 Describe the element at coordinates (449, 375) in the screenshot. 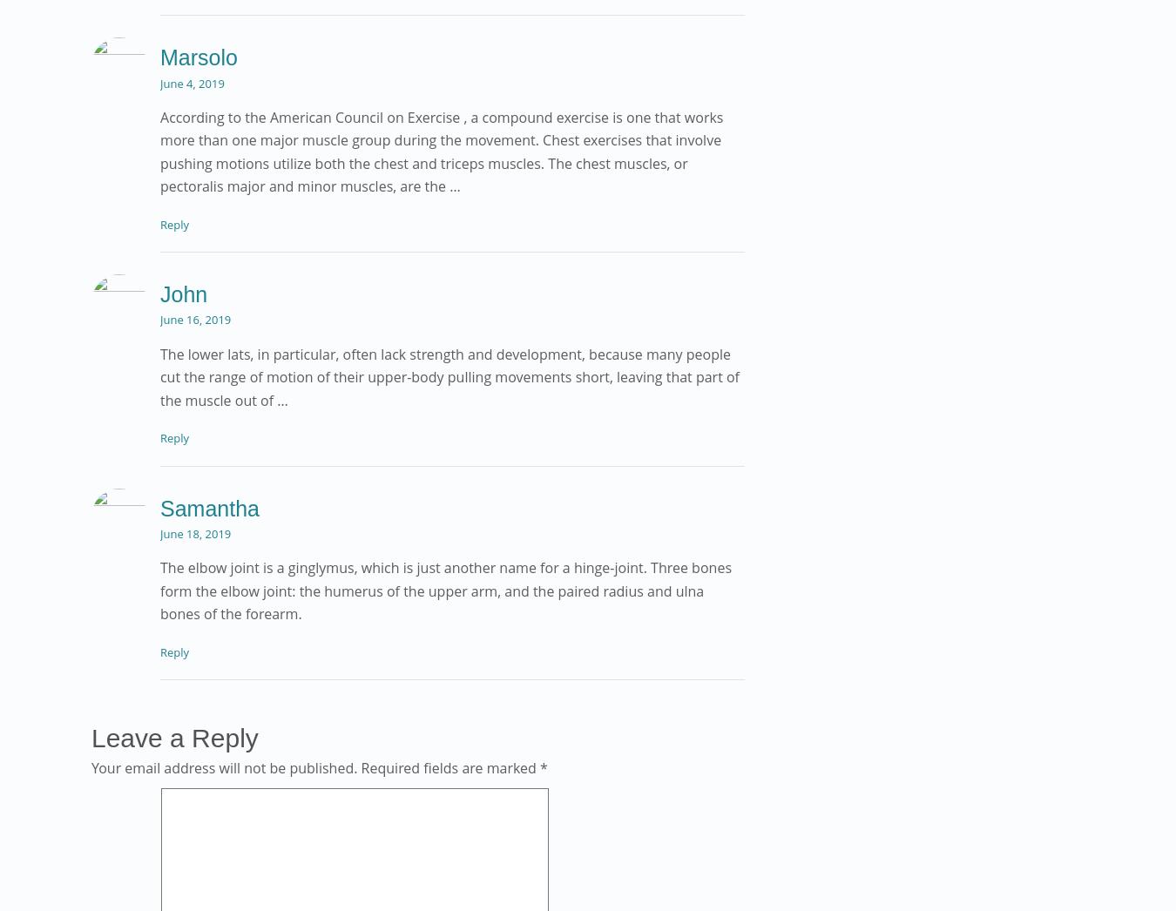

I see `'The lower lats, in particular, often lack strength and development, because many people cut the range of motion of their upper-body pulling movements short, leaving that part of the muscle out of …'` at that location.